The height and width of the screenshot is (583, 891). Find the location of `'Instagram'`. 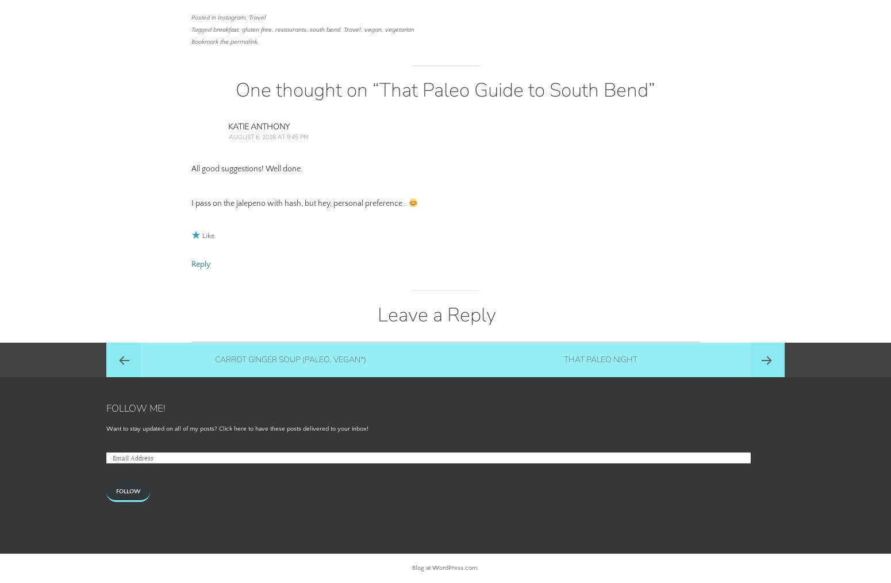

'Instagram' is located at coordinates (231, 17).